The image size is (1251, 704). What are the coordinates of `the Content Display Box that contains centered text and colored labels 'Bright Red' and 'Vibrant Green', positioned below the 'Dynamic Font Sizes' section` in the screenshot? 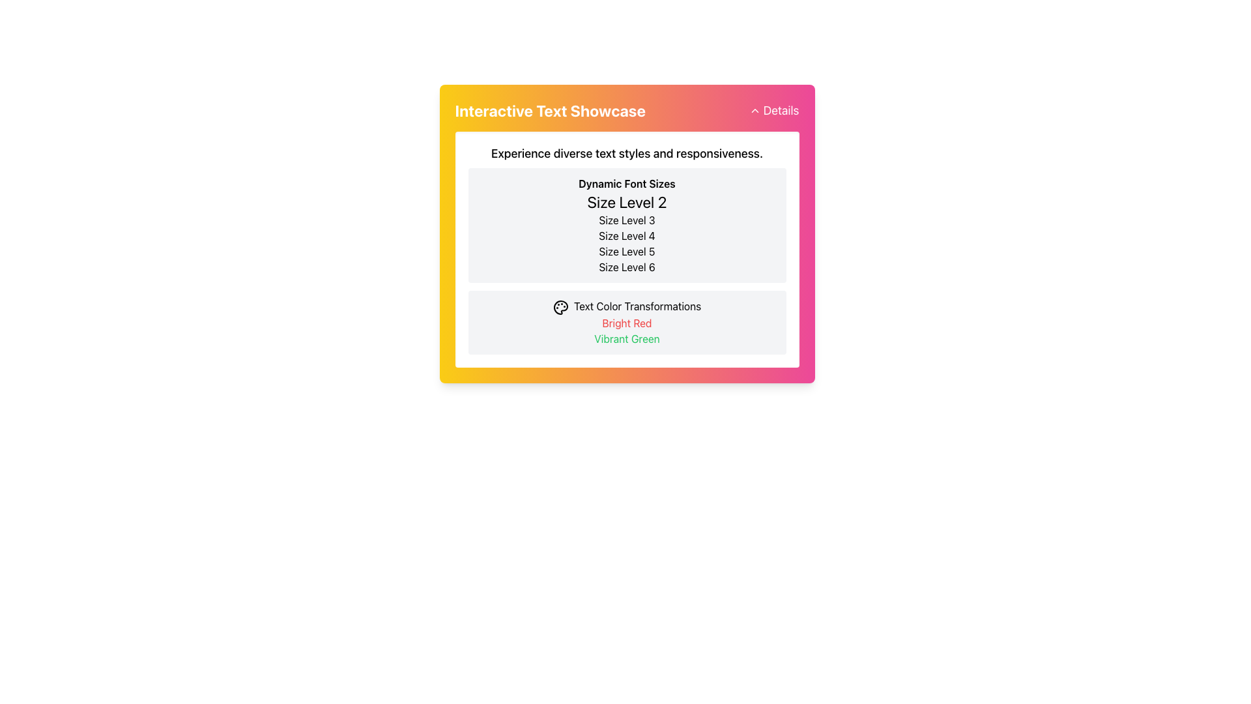 It's located at (627, 322).